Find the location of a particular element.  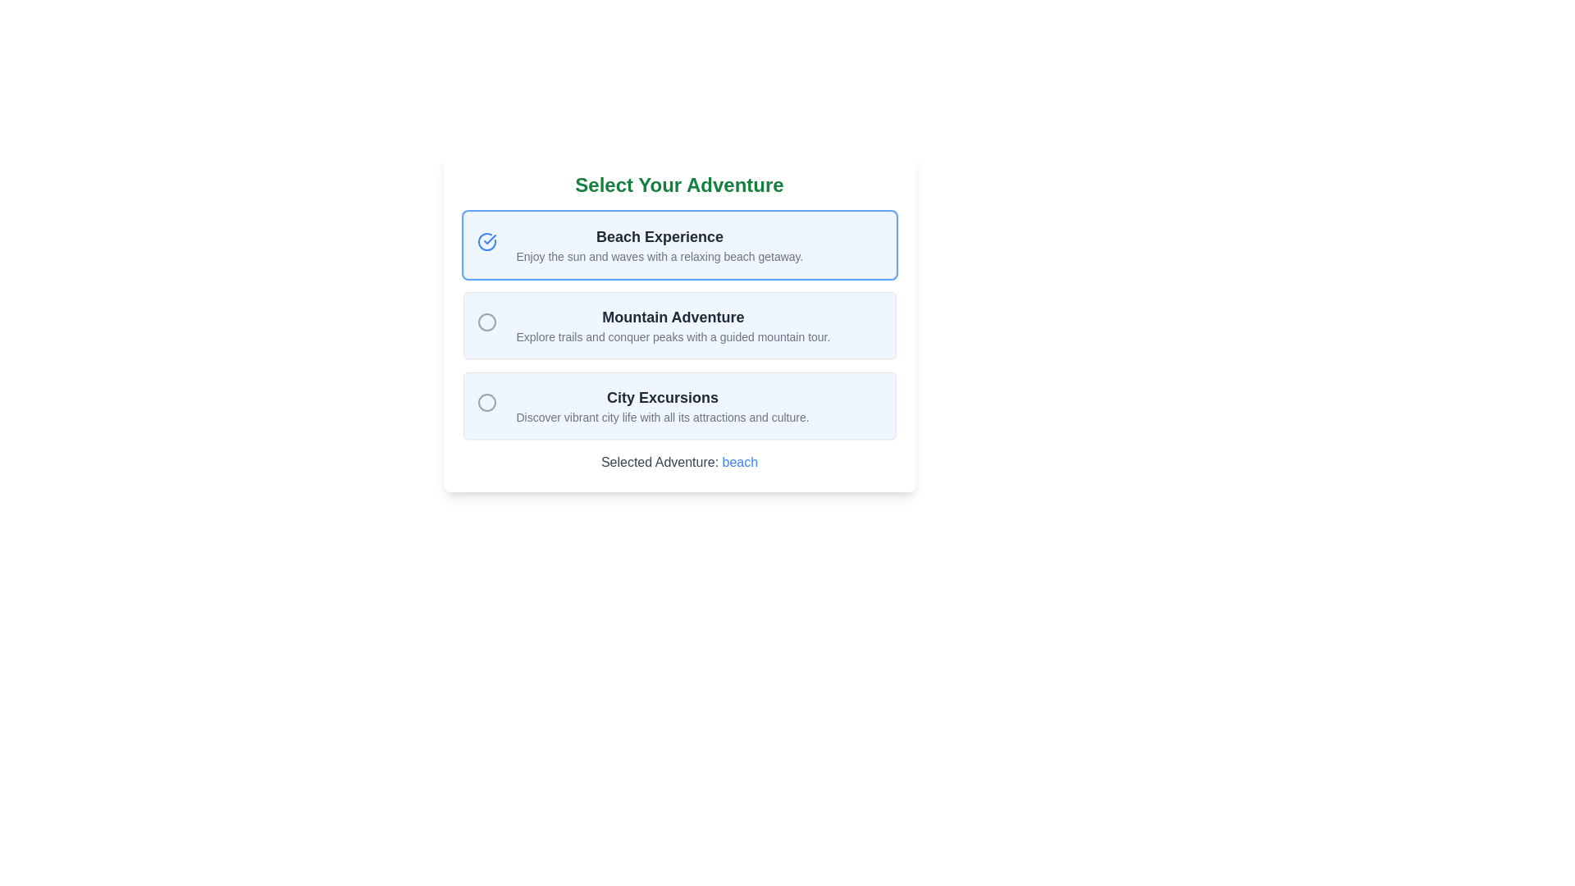

the title label for 'City Excursions' located at the bottom of the selection options, which serves as a description for the user is located at coordinates (663, 398).